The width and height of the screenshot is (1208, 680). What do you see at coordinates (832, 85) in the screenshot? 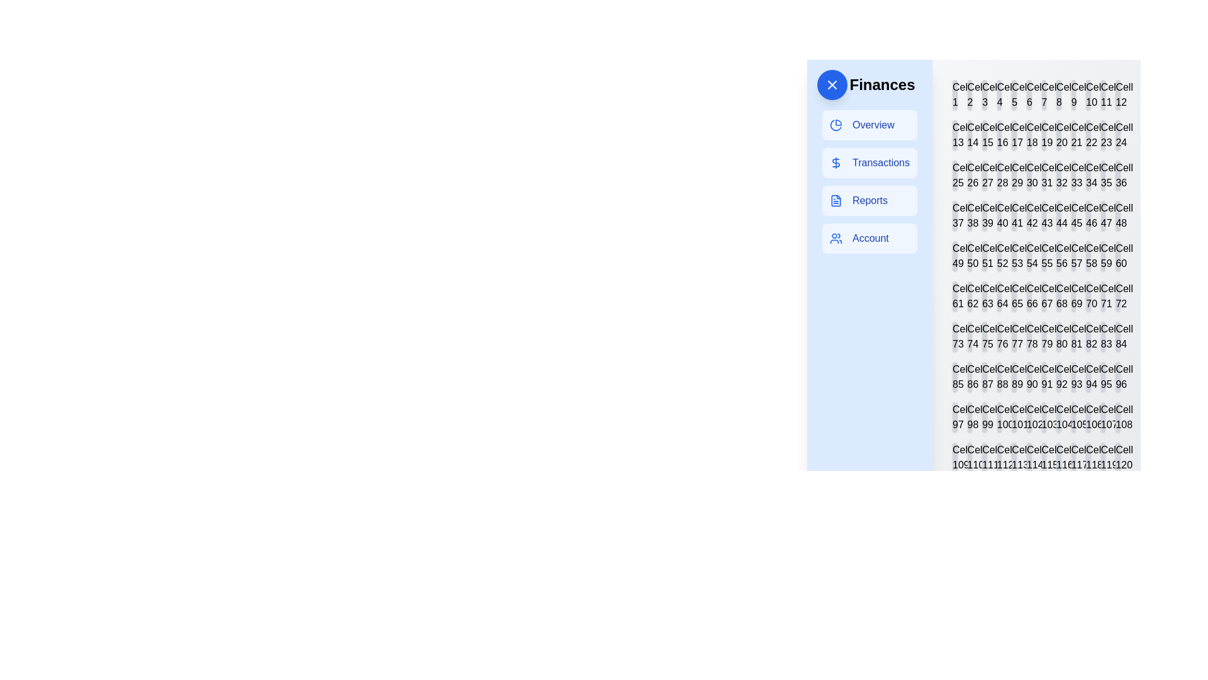
I see `the toggle button to change the navigation drawer visibility` at bounding box center [832, 85].